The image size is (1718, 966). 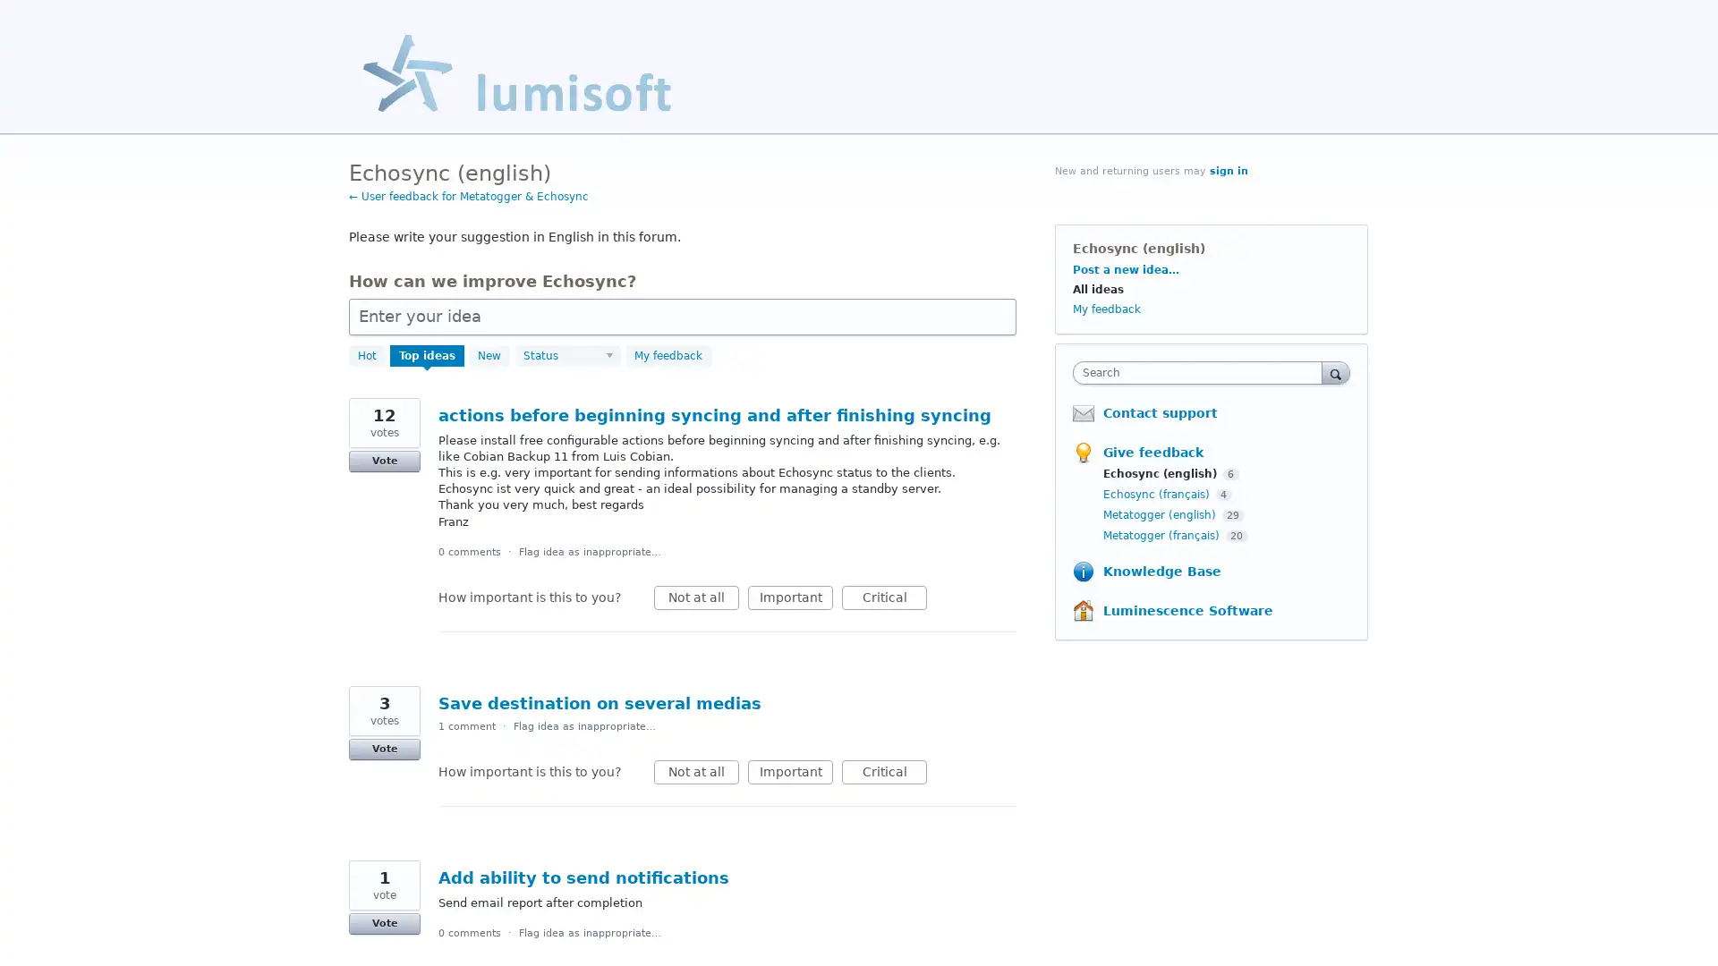 I want to click on Search, so click(x=1335, y=371).